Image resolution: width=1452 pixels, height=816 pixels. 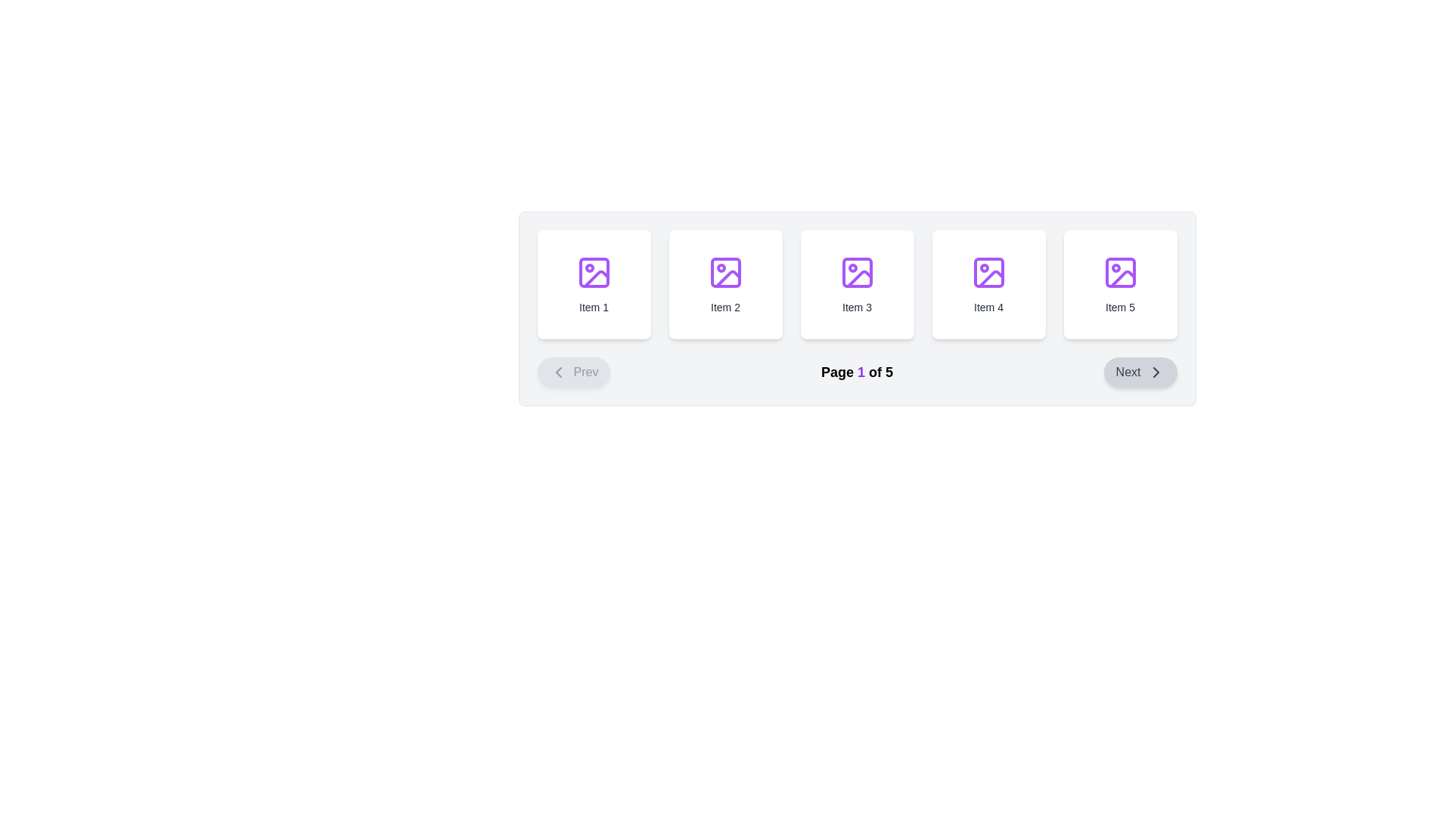 I want to click on the vector graphic icon representing an image, which is located centrally within the second item card of a horizontal list of five cards, so click(x=724, y=273).